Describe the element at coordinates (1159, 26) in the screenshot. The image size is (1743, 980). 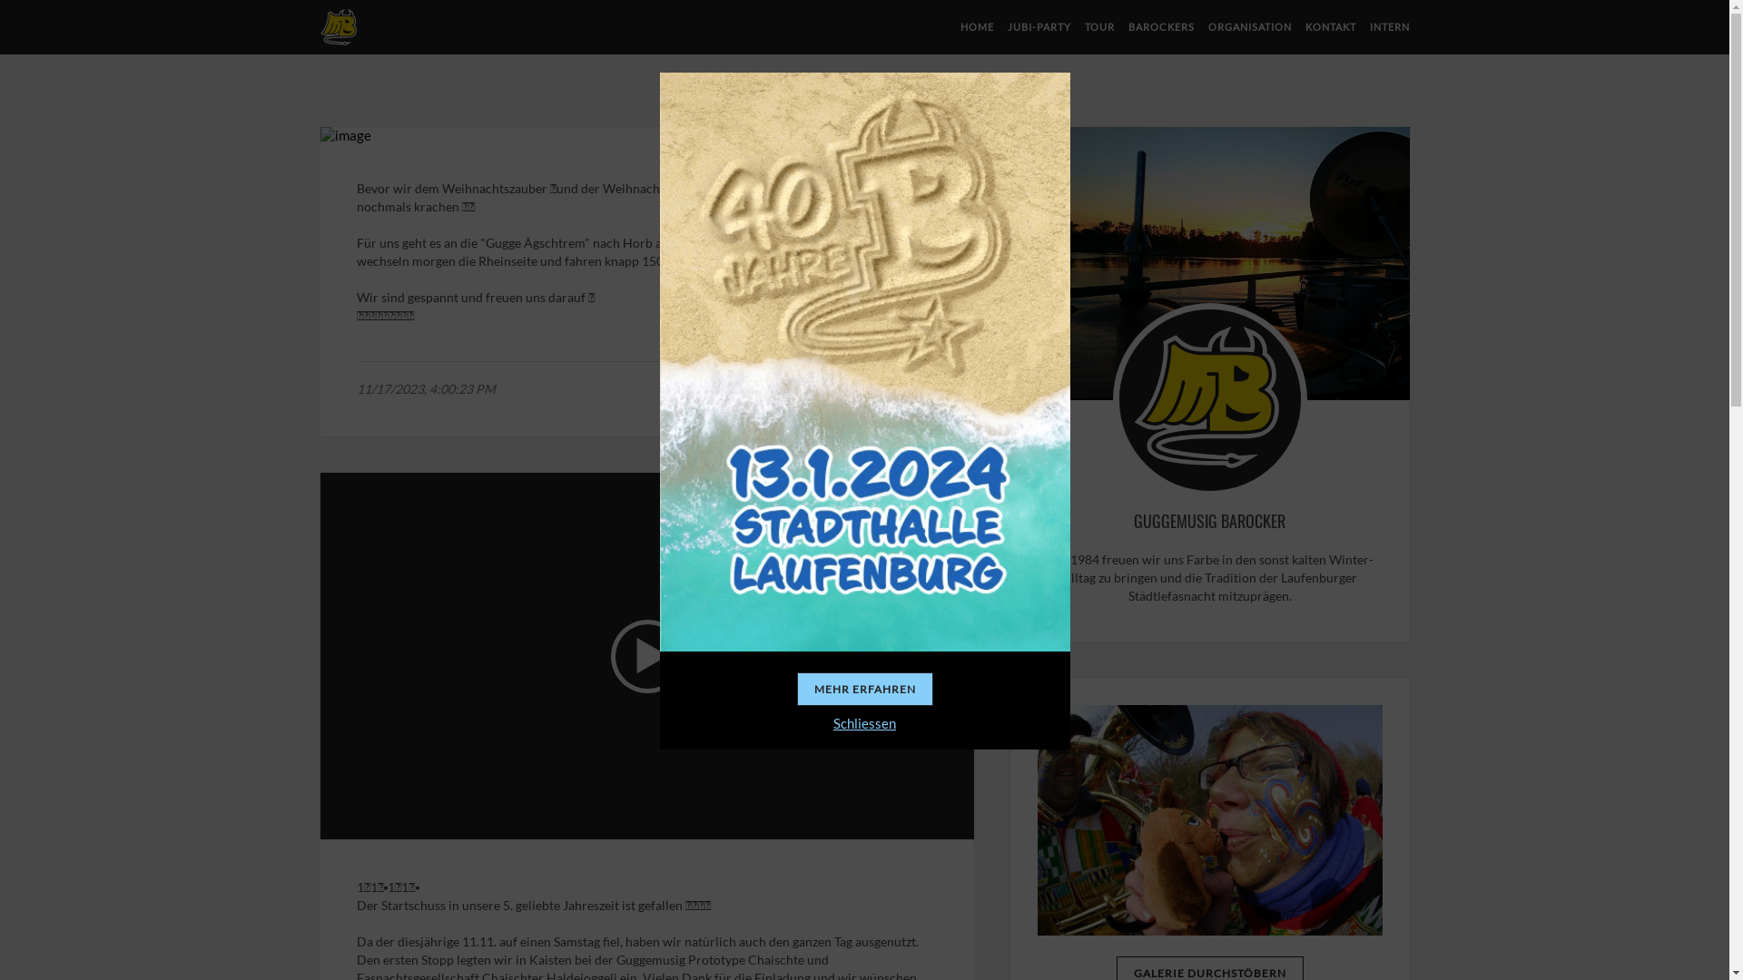
I see `'BAROCKERS'` at that location.